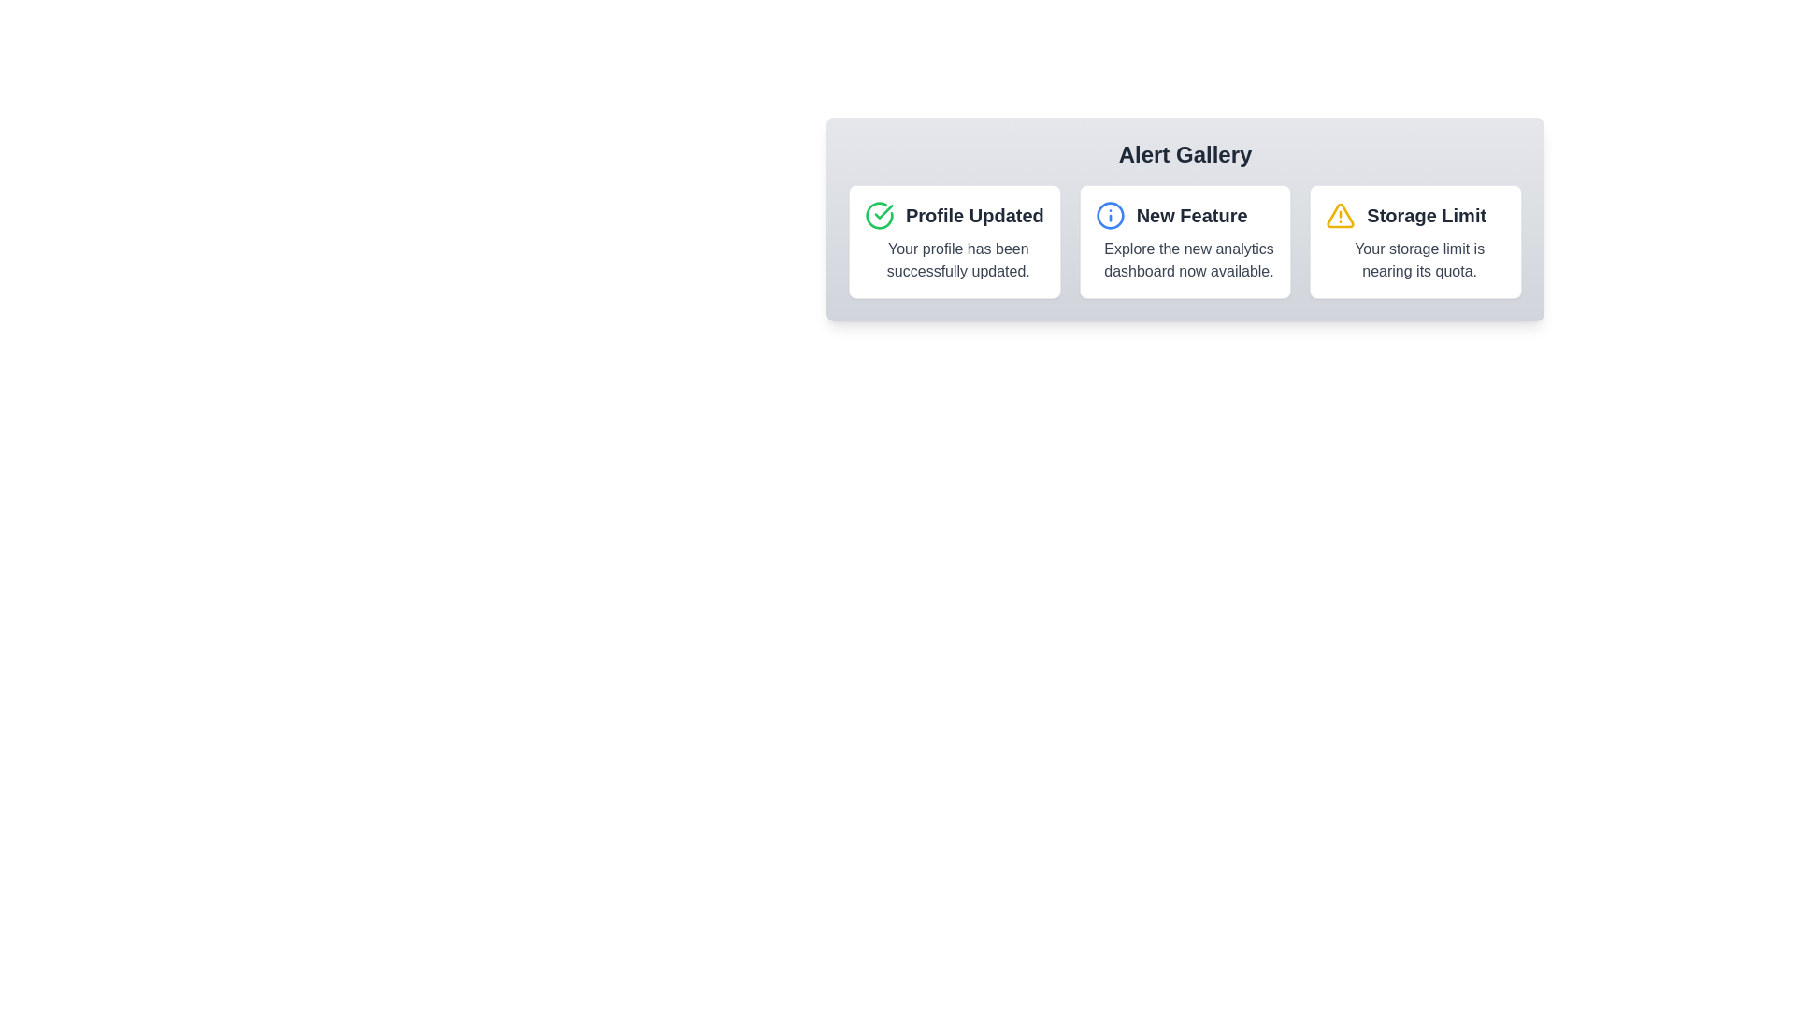  I want to click on the circular graphical element that is part of the SVG graphic representing an information symbol, located in the center of the 'New Feature' card in the Alert Gallery, so click(1110, 215).